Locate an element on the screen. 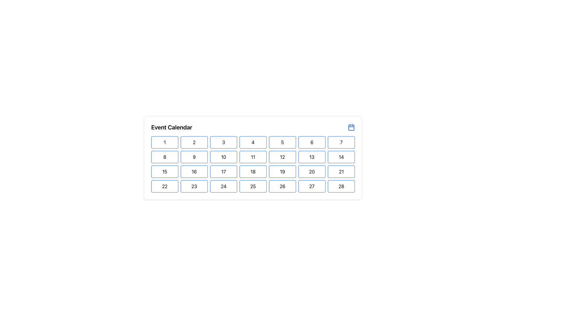  the decorative graphical component represented as a rounded rectangle within the SVG calendar icon, located at the top-right corner of the outlined event calendar interface is located at coordinates (351, 127).